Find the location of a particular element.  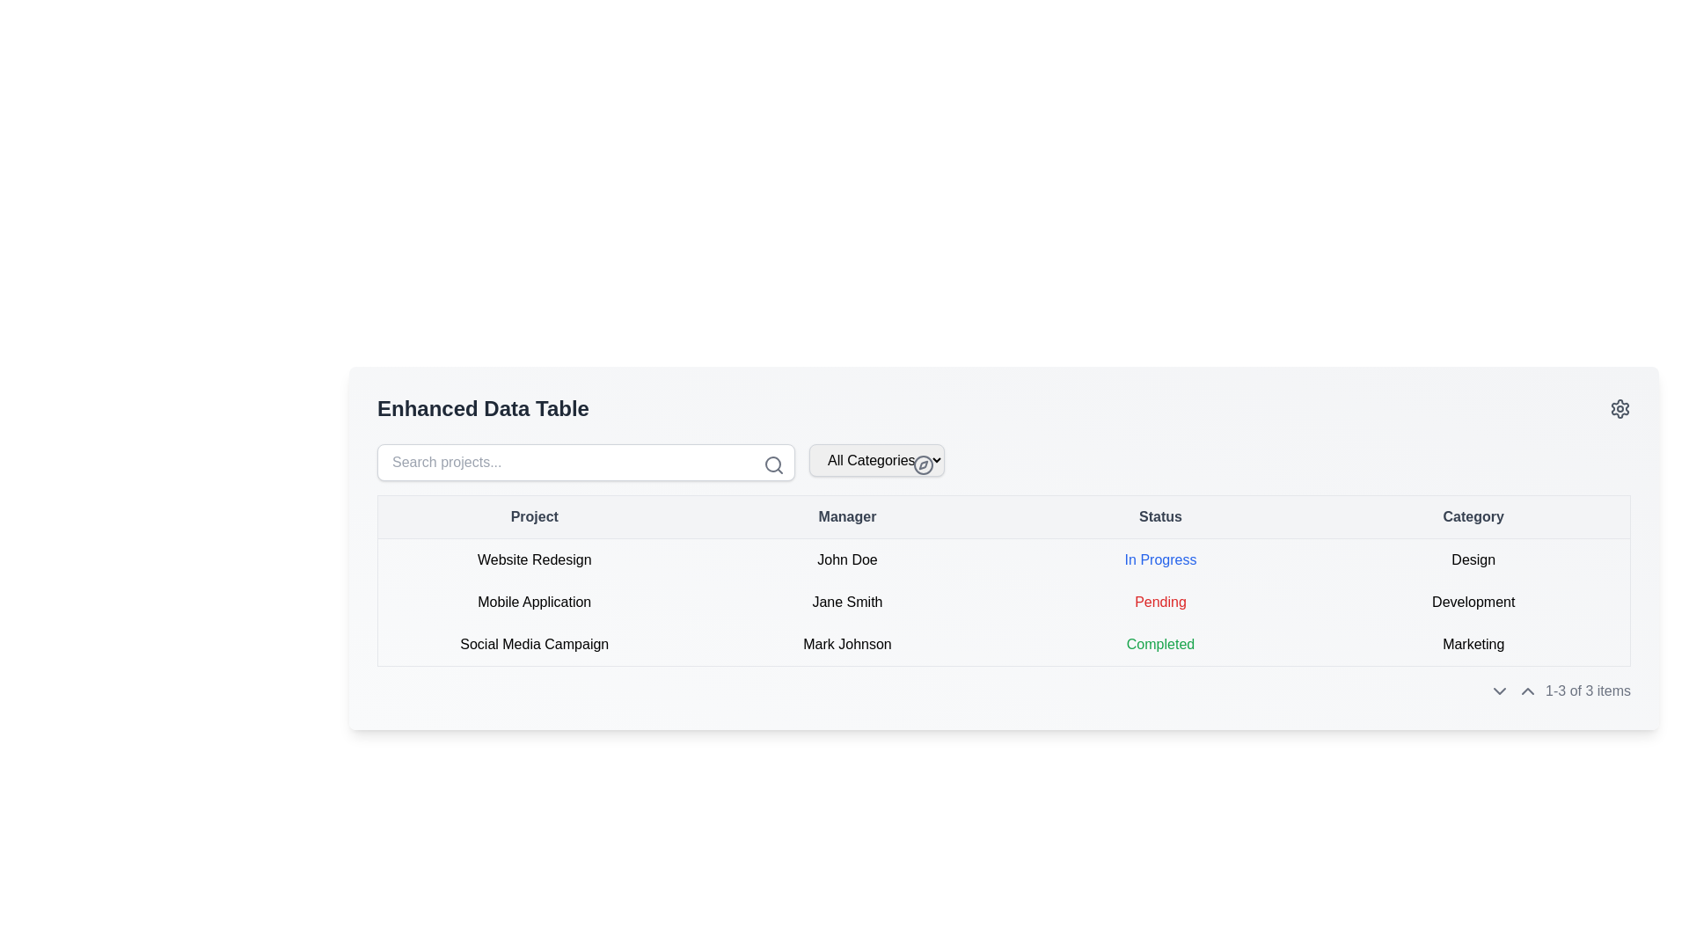

the gear-shaped icon button in the top-right corner of the Enhanced Data Table is located at coordinates (1620, 409).